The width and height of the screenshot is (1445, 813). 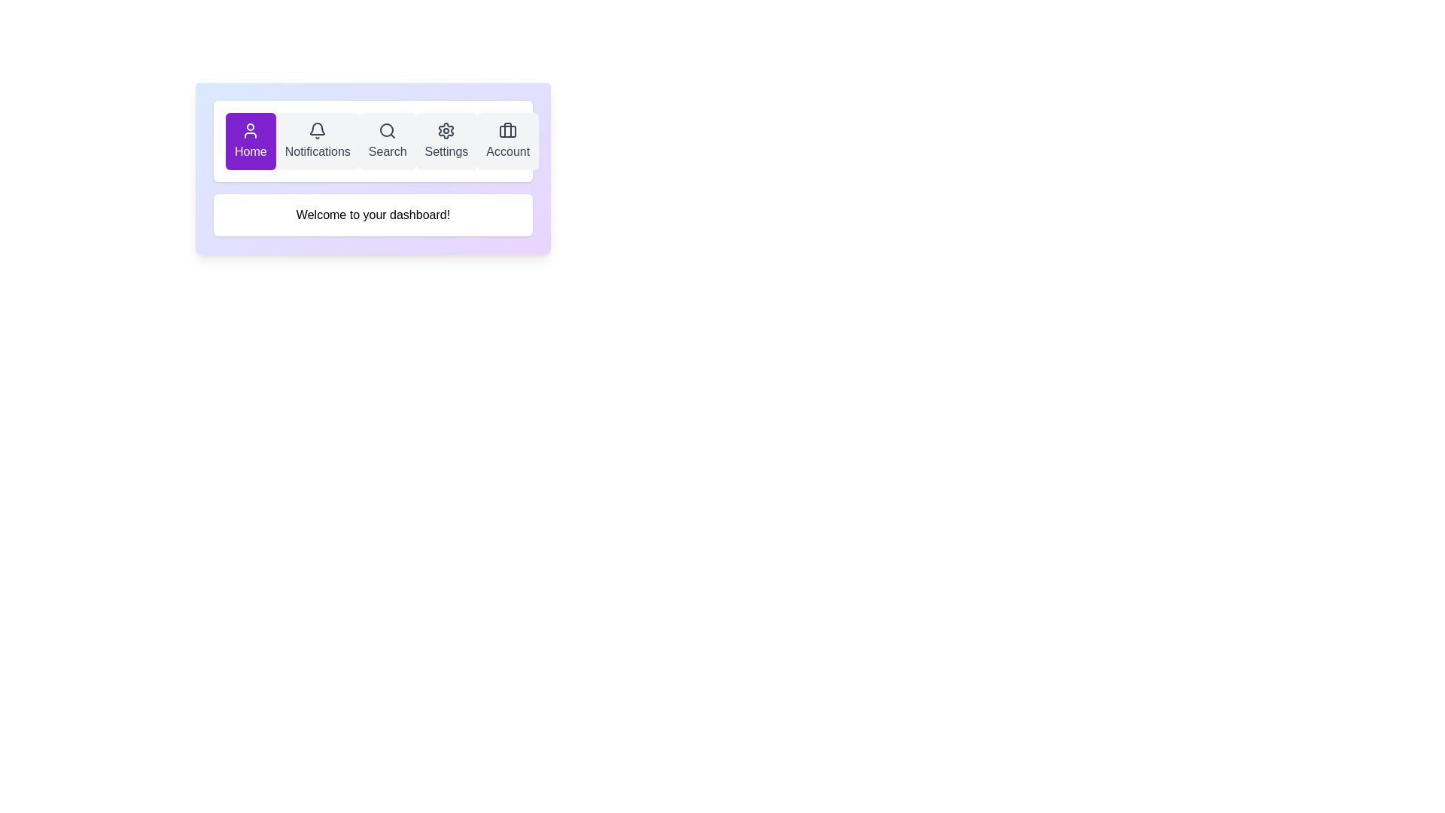 I want to click on the static text label 'Home' in the navigation bar, which indicates the home page section and is located under the user profile icon, so click(x=251, y=151).